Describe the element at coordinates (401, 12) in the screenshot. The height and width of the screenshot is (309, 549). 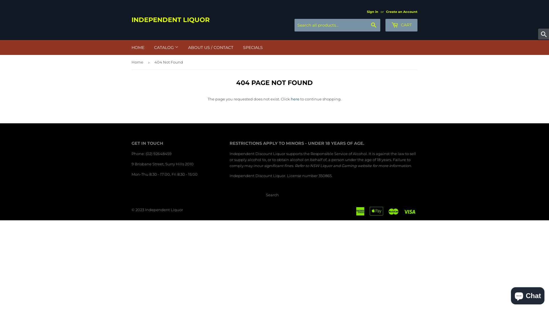
I see `'Create an Account'` at that location.